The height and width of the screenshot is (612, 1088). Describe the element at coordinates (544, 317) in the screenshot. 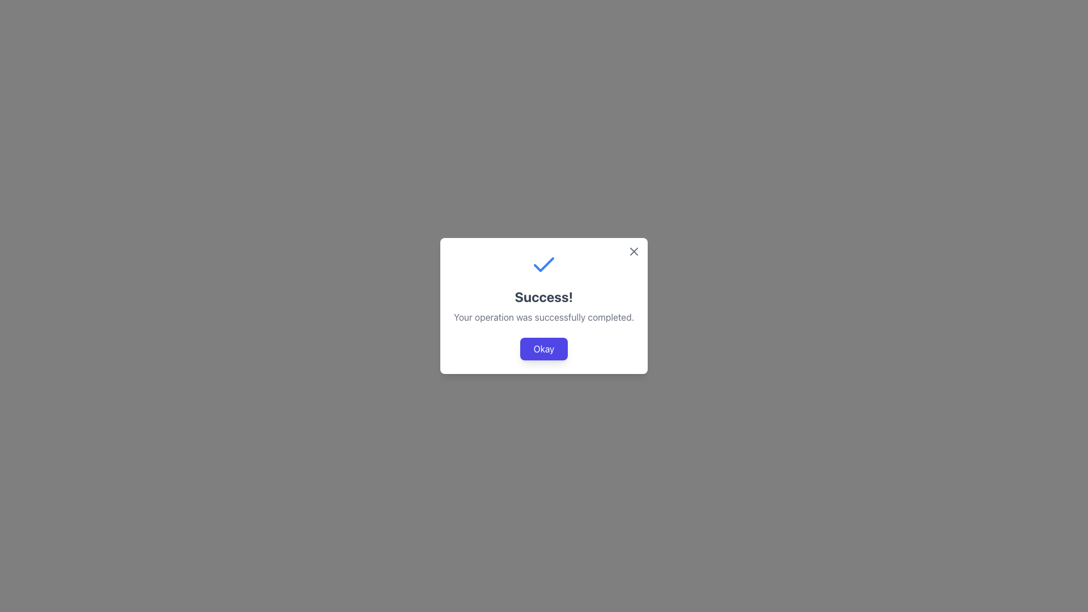

I see `confirmation message displayed below the bold header text 'Success!' in the centered modal dialog box` at that location.